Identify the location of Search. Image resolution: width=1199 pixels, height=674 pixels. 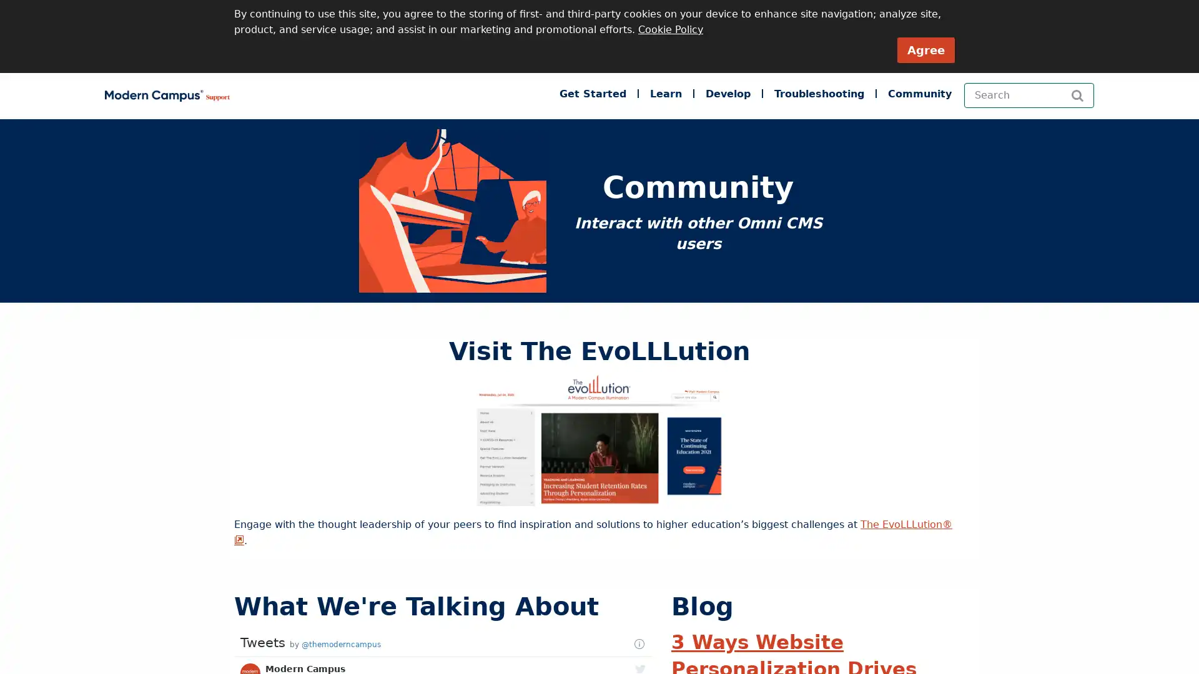
(1077, 94).